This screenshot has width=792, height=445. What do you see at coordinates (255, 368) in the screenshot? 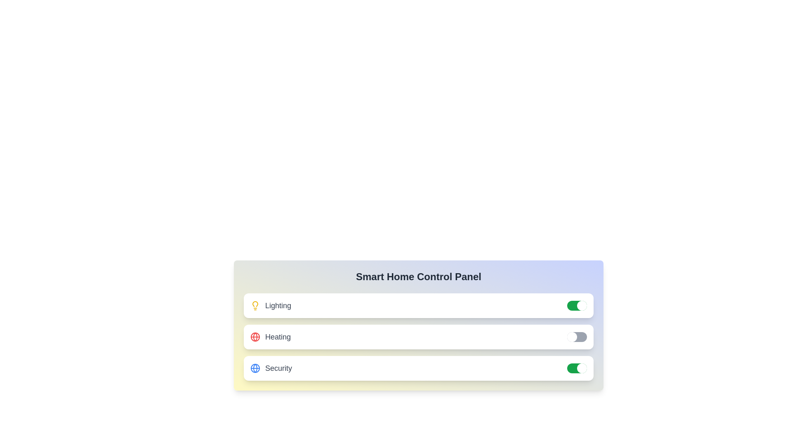
I see `the icon for Security to view more information` at bounding box center [255, 368].